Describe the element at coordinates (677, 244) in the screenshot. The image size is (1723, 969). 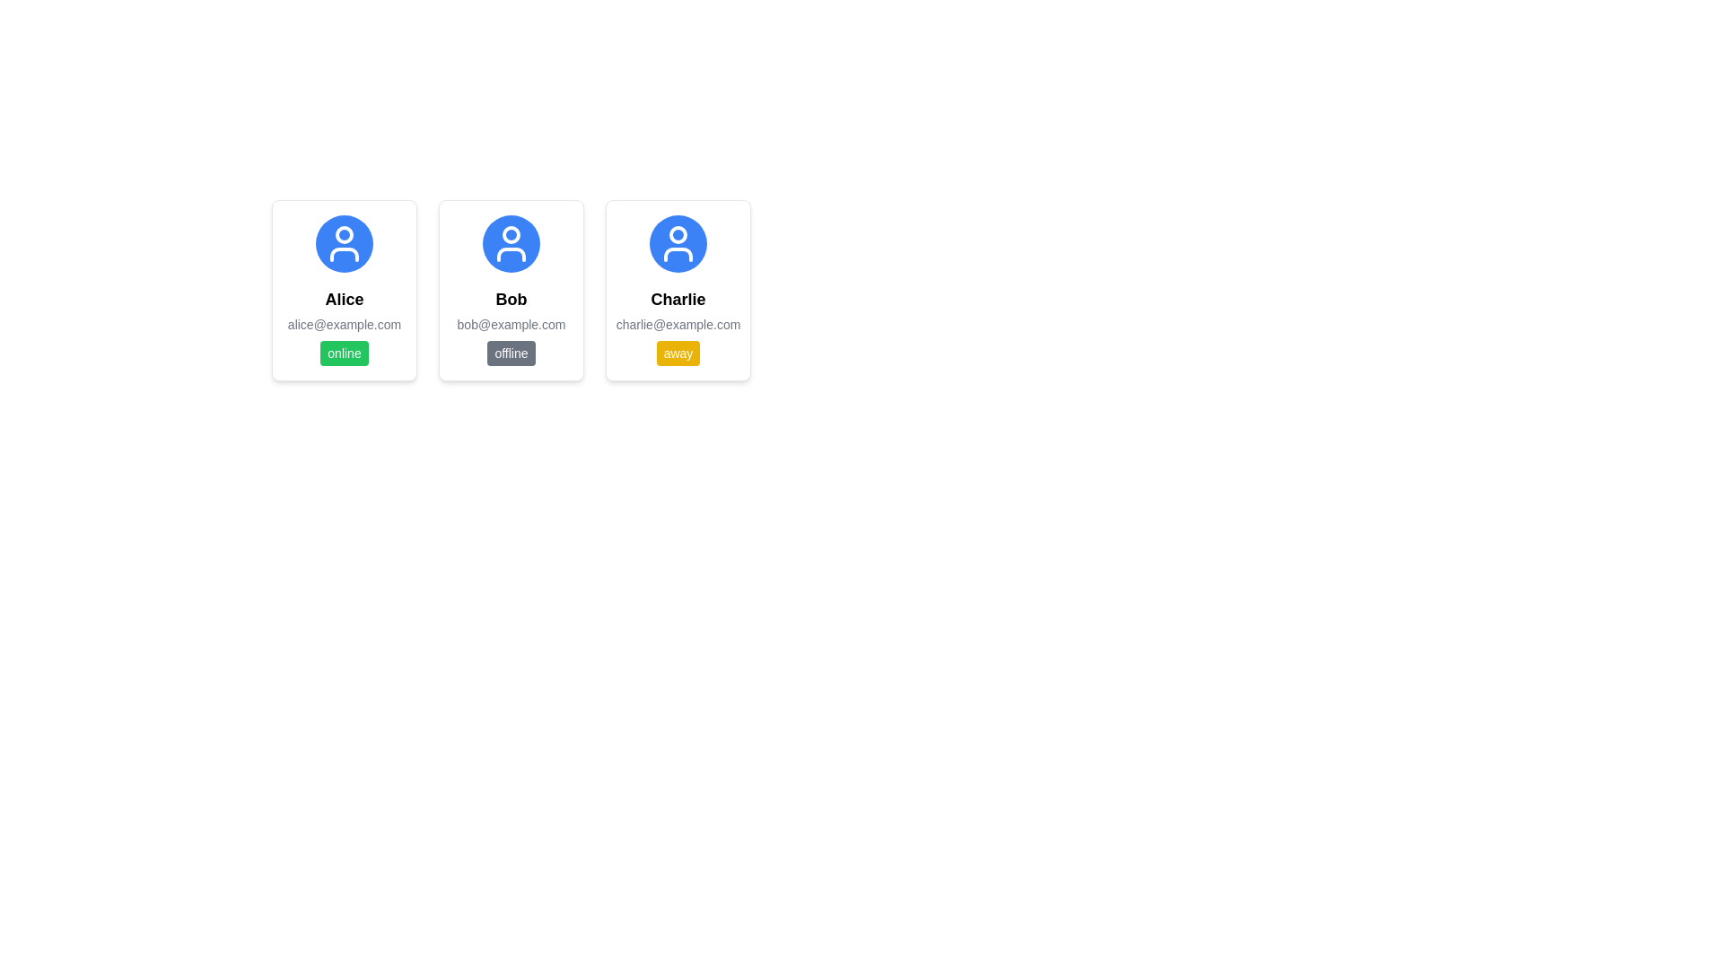
I see `the user icon representing a person's silhouette located in the middle of the blue circular background in the third card labeled 'Charlie'` at that location.